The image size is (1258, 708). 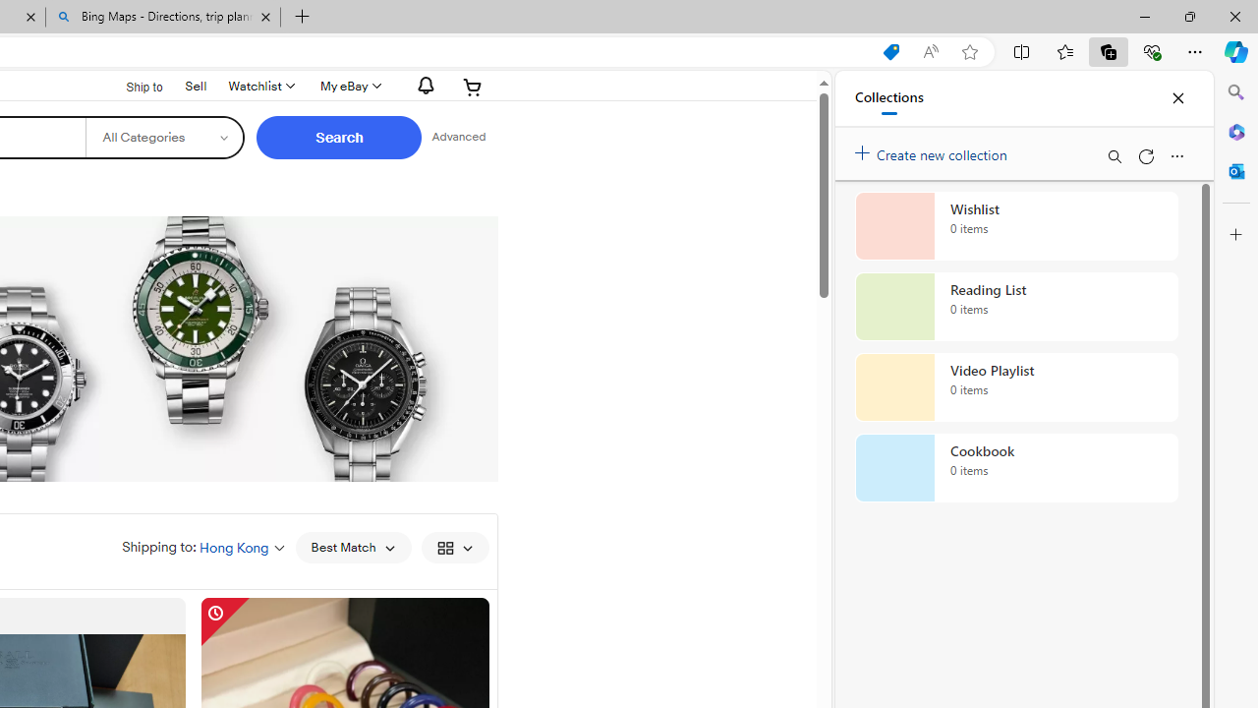 What do you see at coordinates (131, 87) in the screenshot?
I see `'Ship to'` at bounding box center [131, 87].